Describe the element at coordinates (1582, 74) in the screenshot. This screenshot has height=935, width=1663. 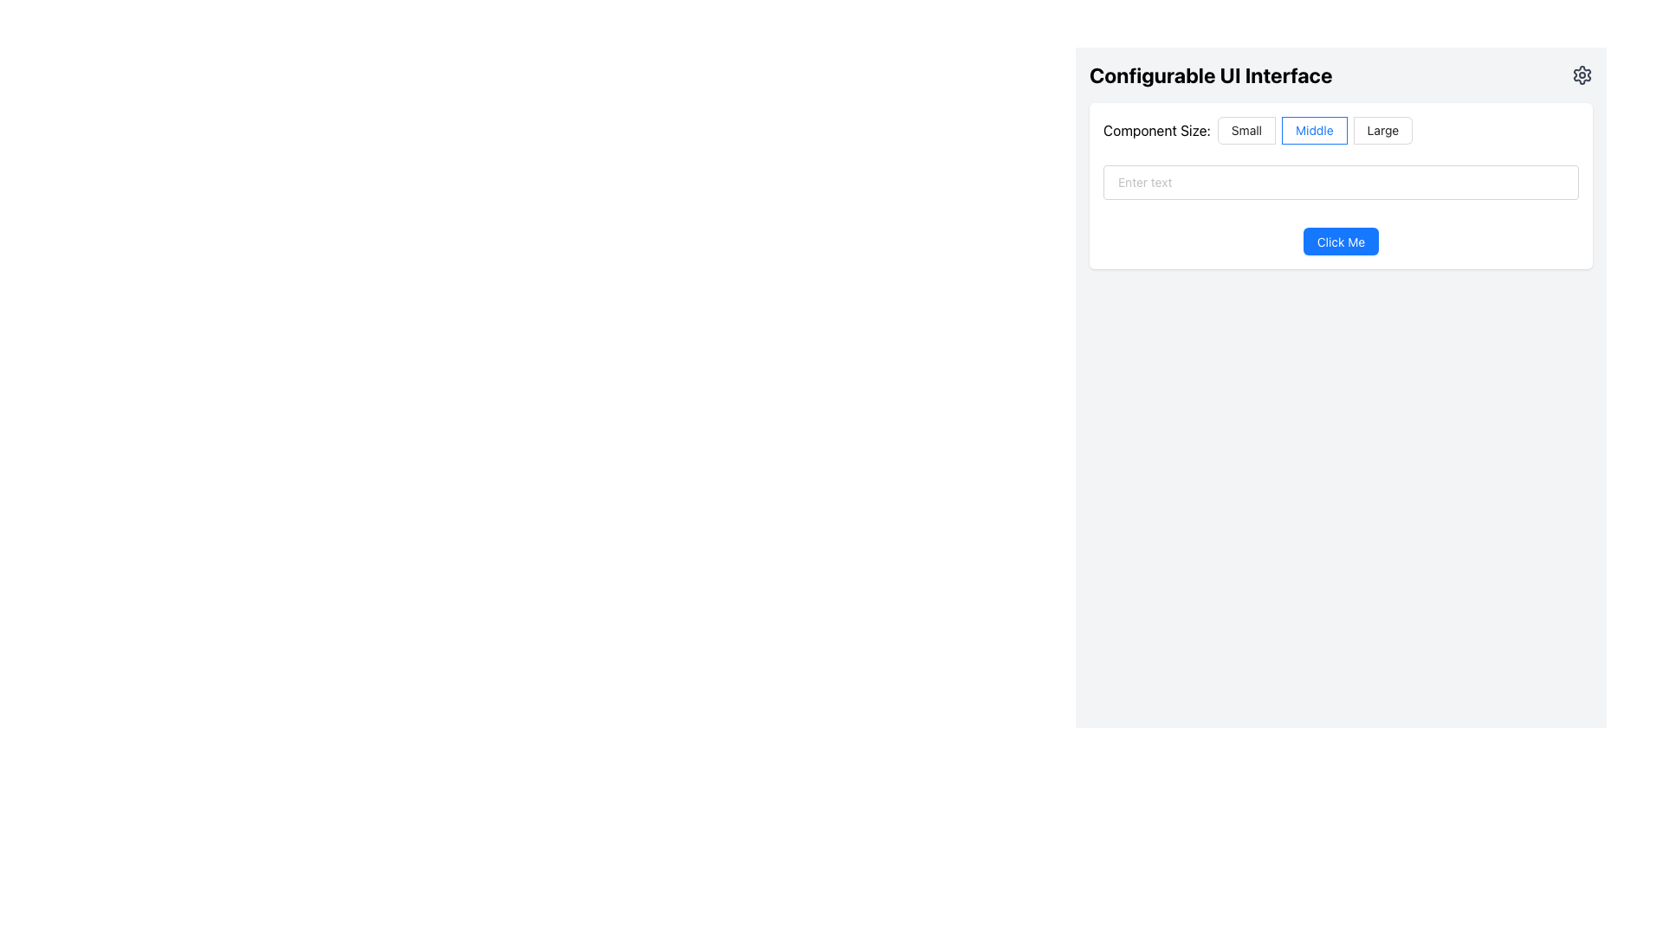
I see `the gear icon button in the top-right corner of the 'Configurable UI Interface' header` at that location.